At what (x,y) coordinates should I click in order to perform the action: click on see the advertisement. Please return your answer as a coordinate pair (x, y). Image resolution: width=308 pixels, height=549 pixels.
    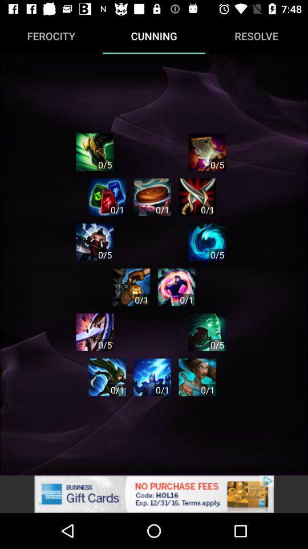
    Looking at the image, I should click on (154, 494).